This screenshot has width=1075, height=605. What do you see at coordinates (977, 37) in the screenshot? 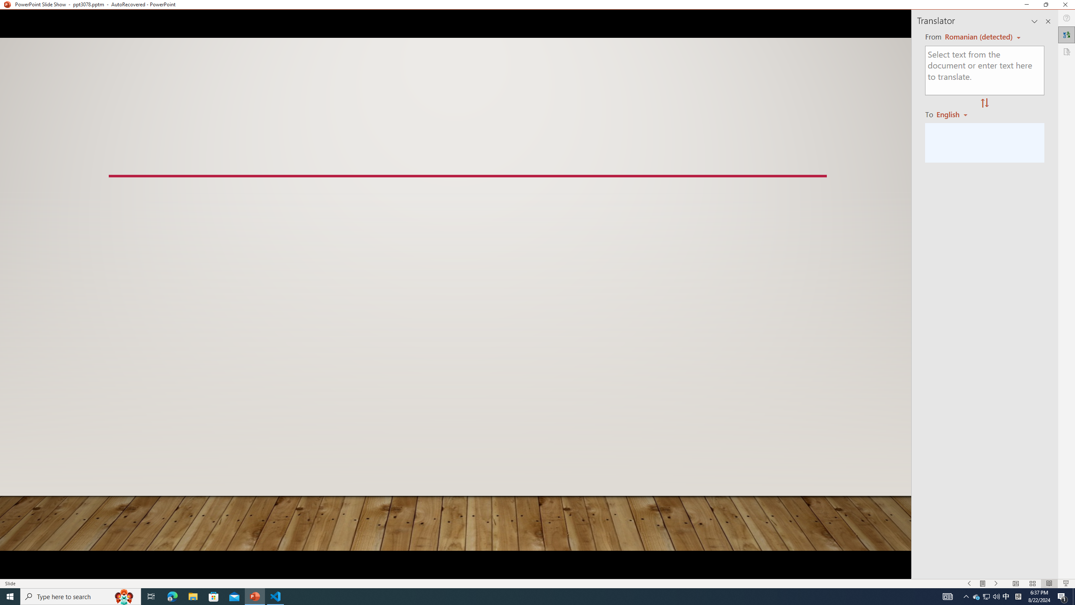
I see `'Romanian (detected)'` at bounding box center [977, 37].